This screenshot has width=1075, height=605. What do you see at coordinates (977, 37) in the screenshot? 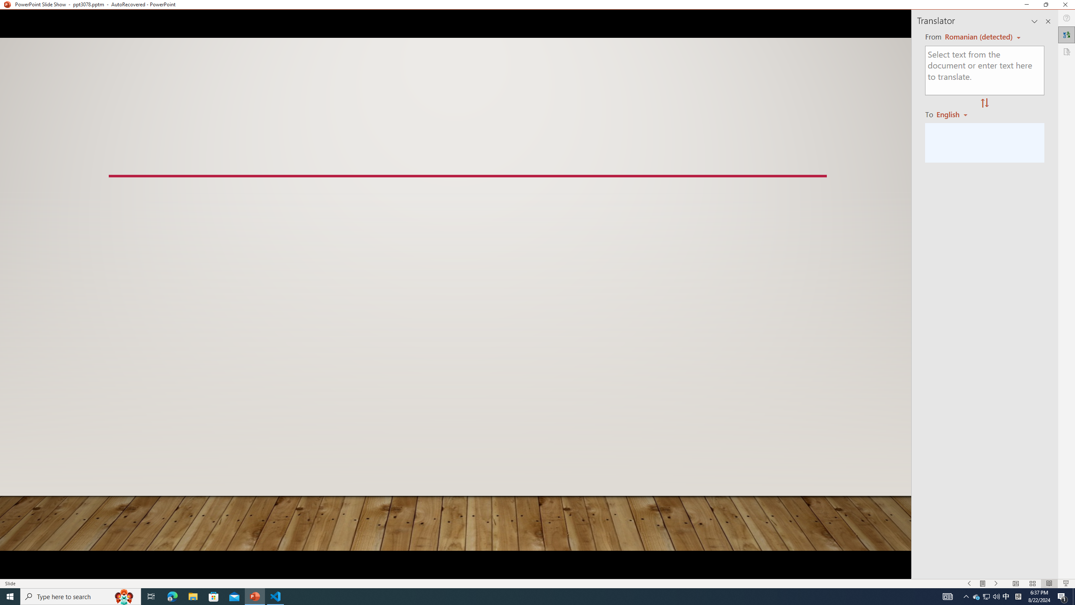
I see `'Romanian (detected)'` at bounding box center [977, 37].